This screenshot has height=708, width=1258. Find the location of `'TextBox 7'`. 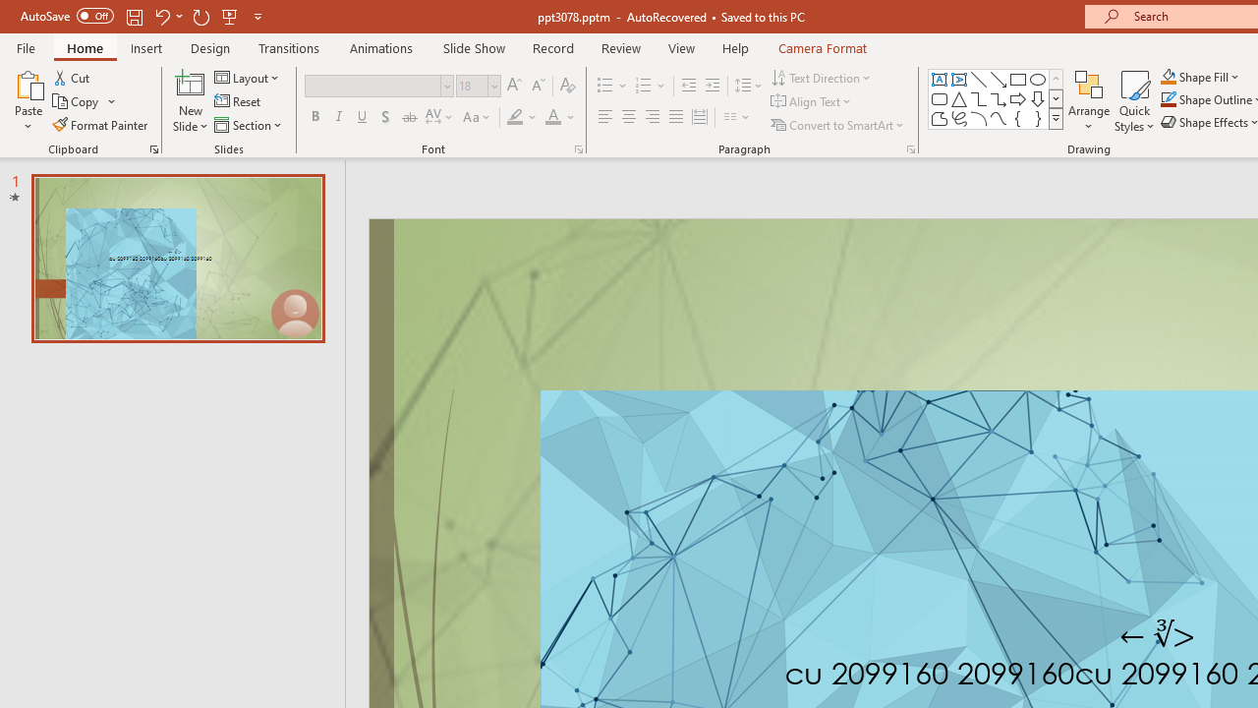

'TextBox 7' is located at coordinates (1158, 635).